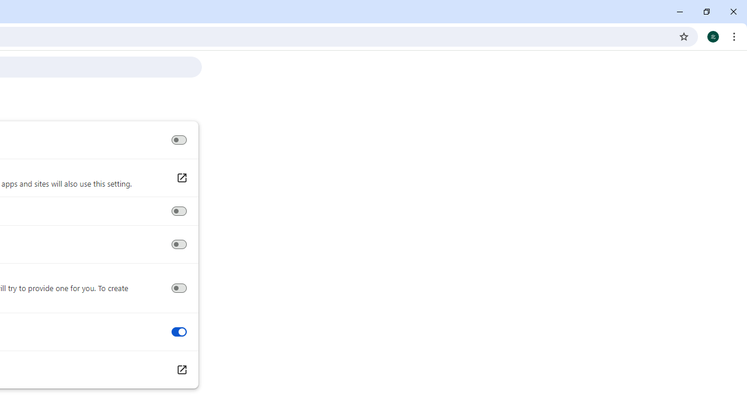 This screenshot has height=420, width=747. Describe the element at coordinates (181, 370) in the screenshot. I see `'Add accessibility features Open Chrome Web Store'` at that location.